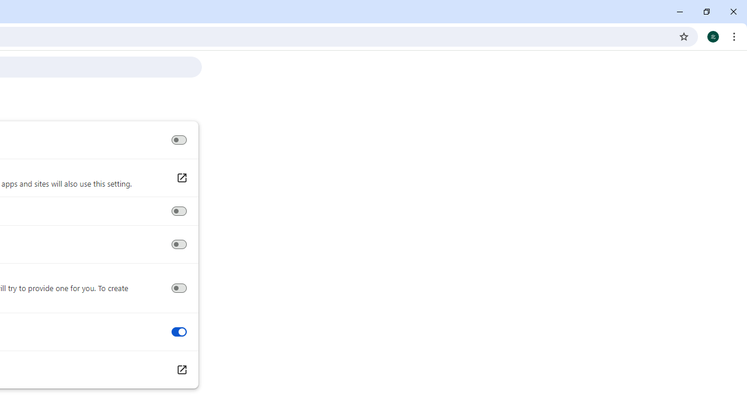 This screenshot has height=420, width=747. Describe the element at coordinates (181, 370) in the screenshot. I see `'Add accessibility features Open Chrome Web Store'` at that location.